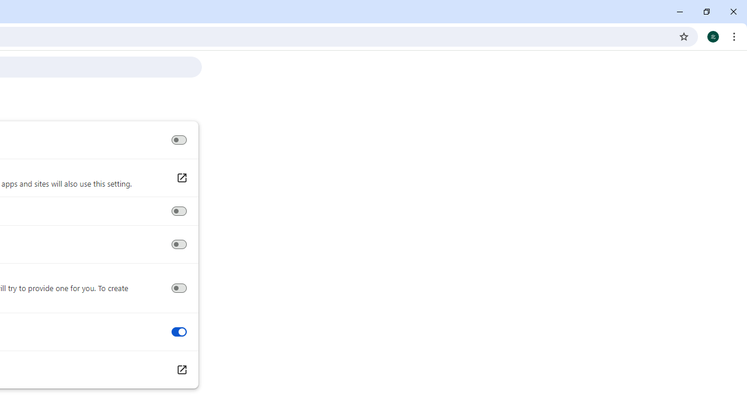 This screenshot has height=420, width=747. Describe the element at coordinates (181, 370) in the screenshot. I see `'Add accessibility features Open Chrome Web Store'` at that location.